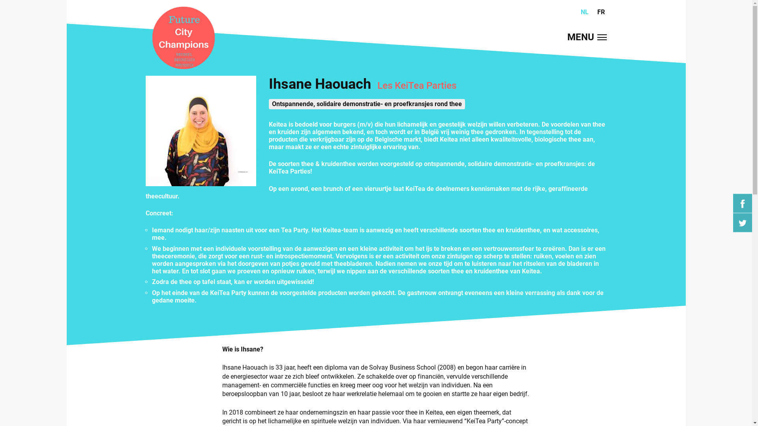  I want to click on 'FR', so click(600, 12).